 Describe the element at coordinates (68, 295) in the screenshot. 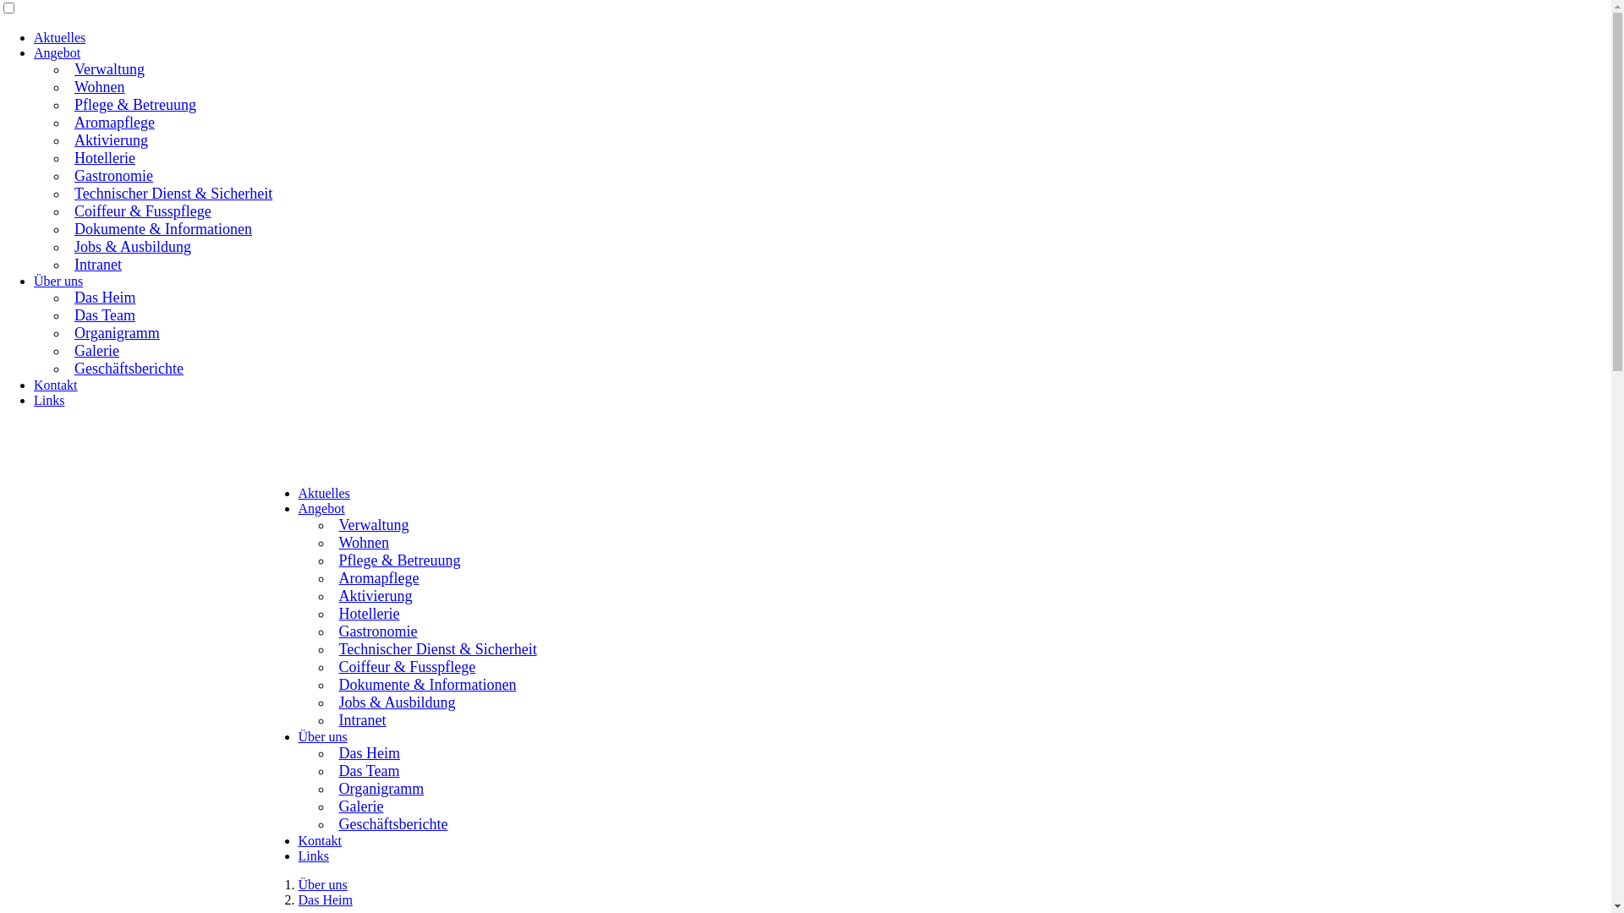

I see `'Das Heim'` at that location.